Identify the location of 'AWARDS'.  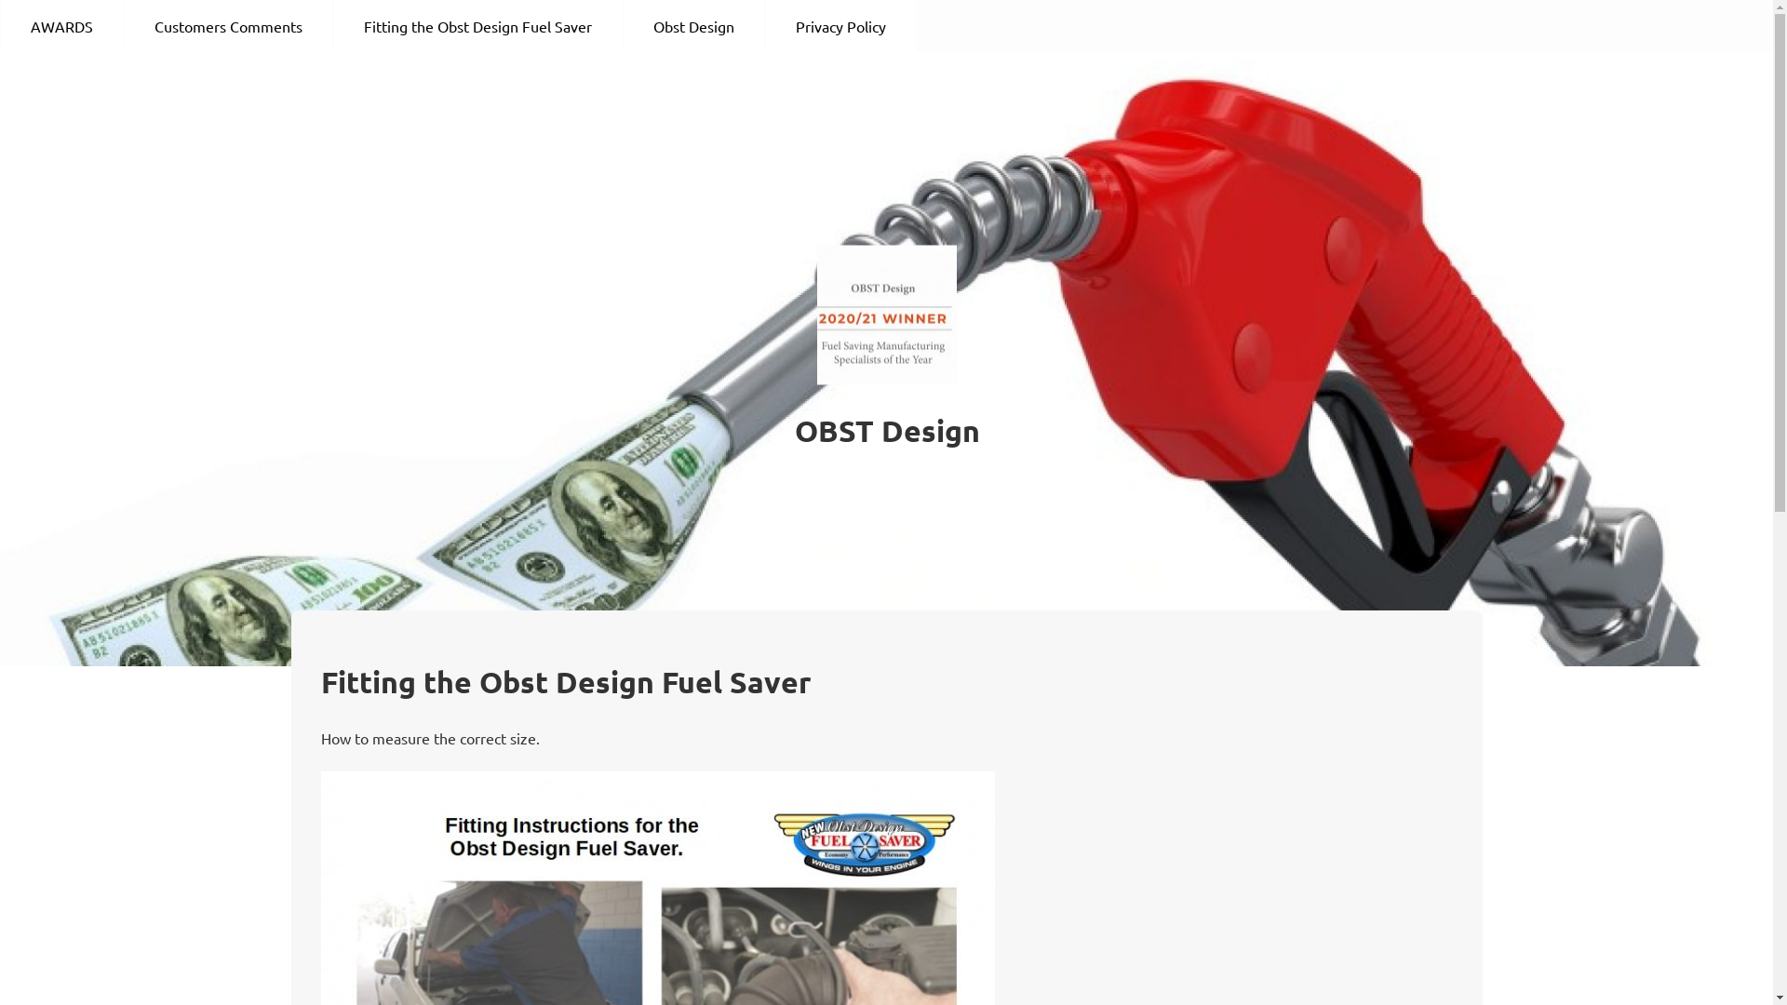
(61, 25).